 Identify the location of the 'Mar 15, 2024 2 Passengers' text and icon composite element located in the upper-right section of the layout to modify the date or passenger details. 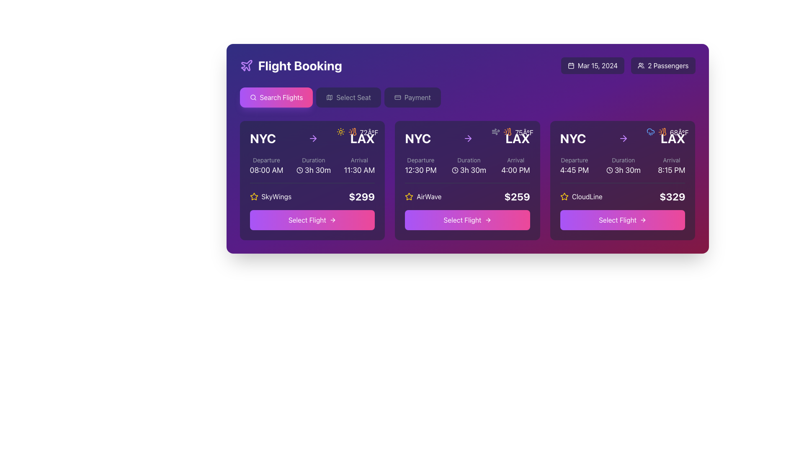
(628, 65).